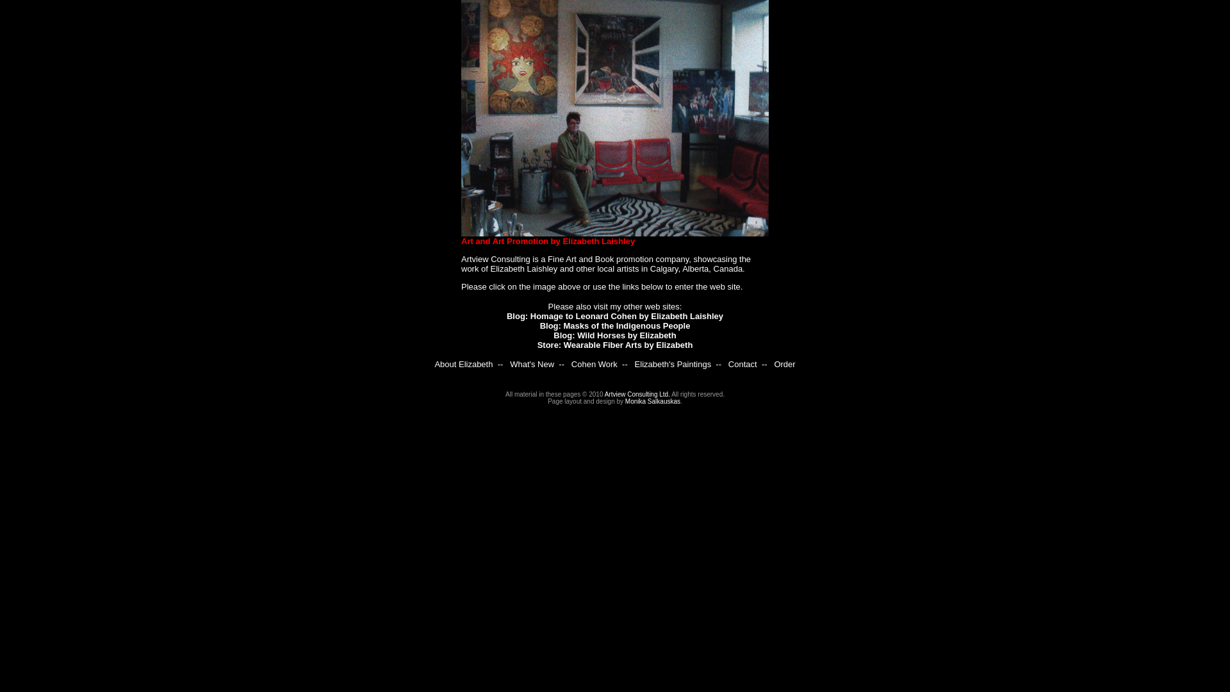 The width and height of the screenshot is (1230, 692). Describe the element at coordinates (615, 325) in the screenshot. I see `'Blog: Masks of the Indigenous People'` at that location.